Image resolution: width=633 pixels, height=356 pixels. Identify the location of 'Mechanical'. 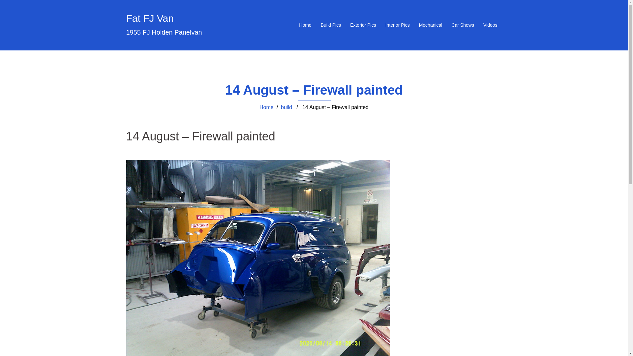
(431, 25).